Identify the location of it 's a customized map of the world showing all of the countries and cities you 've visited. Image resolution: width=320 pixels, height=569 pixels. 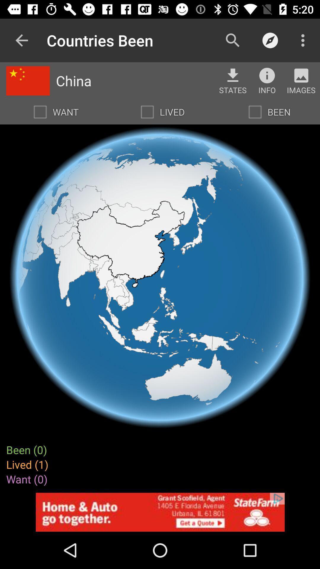
(255, 112).